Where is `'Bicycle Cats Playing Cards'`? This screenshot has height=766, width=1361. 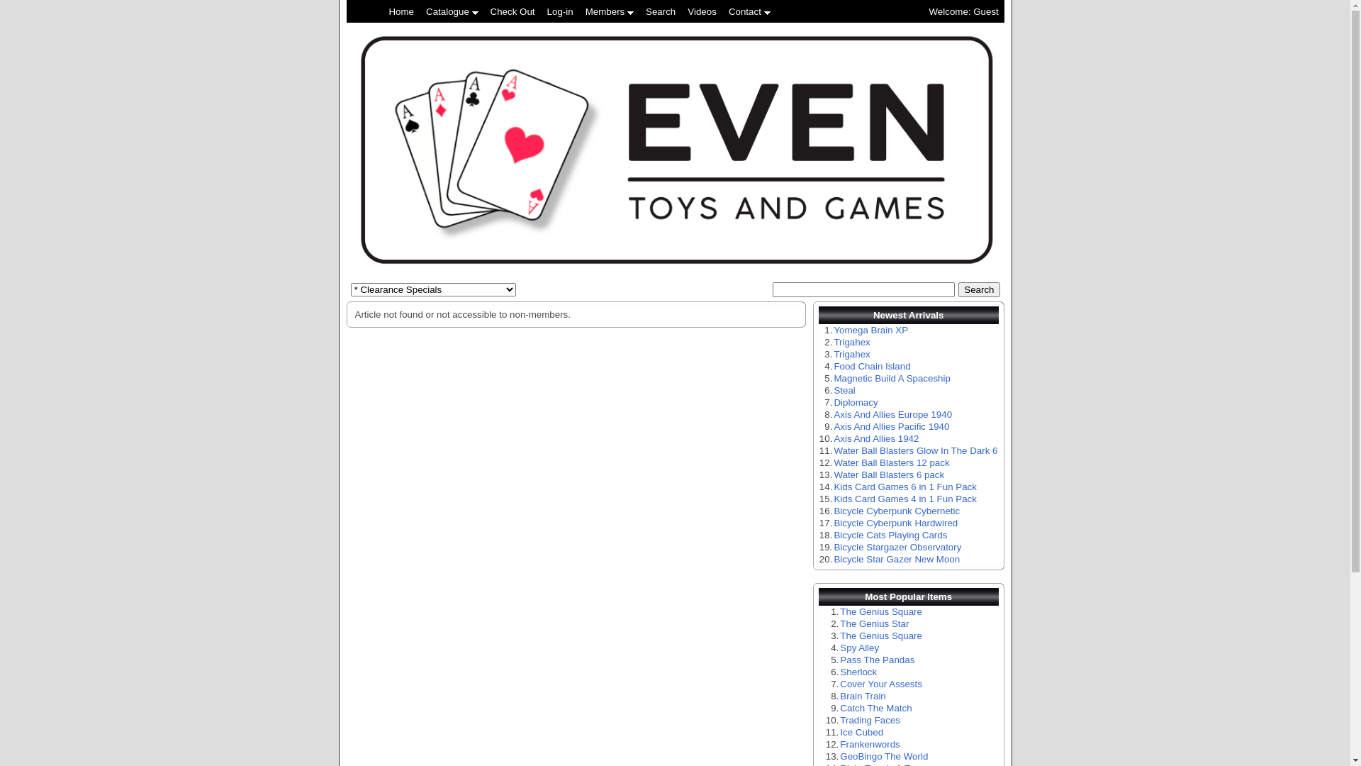 'Bicycle Cats Playing Cards' is located at coordinates (890, 535).